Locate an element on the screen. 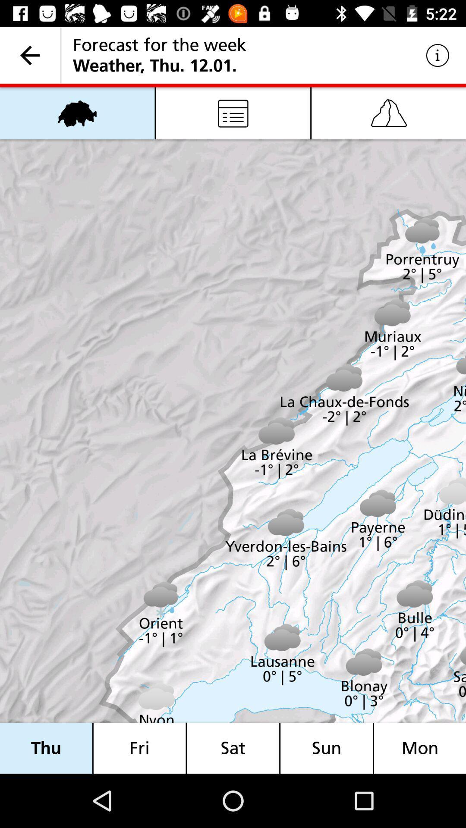 This screenshot has height=828, width=466. the item to the left of the mon icon is located at coordinates (327, 748).